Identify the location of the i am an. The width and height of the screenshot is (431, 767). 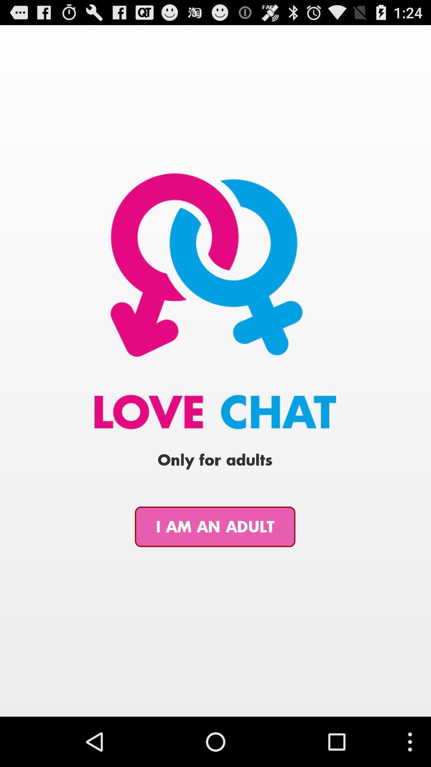
(215, 527).